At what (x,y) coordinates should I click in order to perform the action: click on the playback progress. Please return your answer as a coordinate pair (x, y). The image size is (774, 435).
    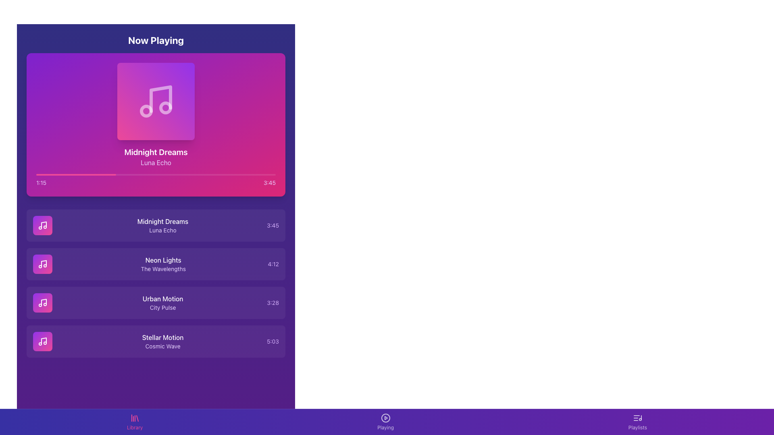
    Looking at the image, I should click on (213, 174).